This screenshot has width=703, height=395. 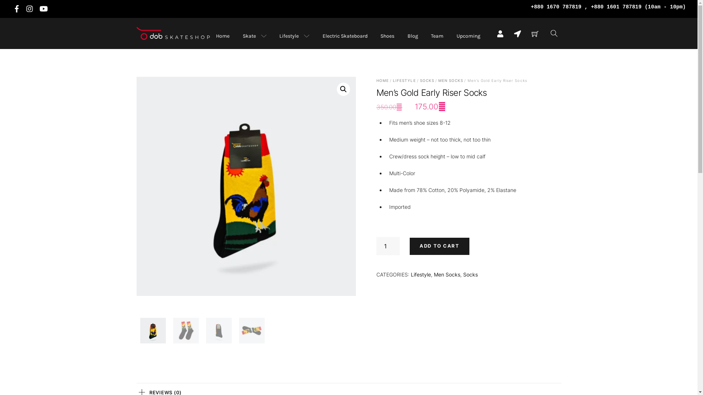 What do you see at coordinates (254, 36) in the screenshot?
I see `'Skate'` at bounding box center [254, 36].